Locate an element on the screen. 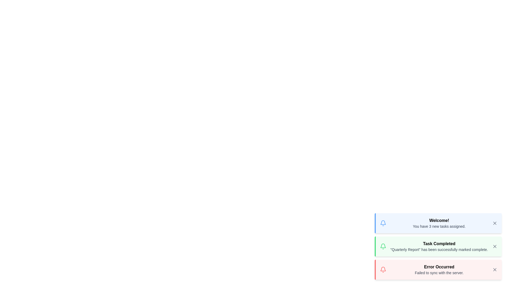 The height and width of the screenshot is (285, 507). the SVG close button represented by a diagonal cross in the top-right corner of the notification card with a green background is located at coordinates (494, 246).